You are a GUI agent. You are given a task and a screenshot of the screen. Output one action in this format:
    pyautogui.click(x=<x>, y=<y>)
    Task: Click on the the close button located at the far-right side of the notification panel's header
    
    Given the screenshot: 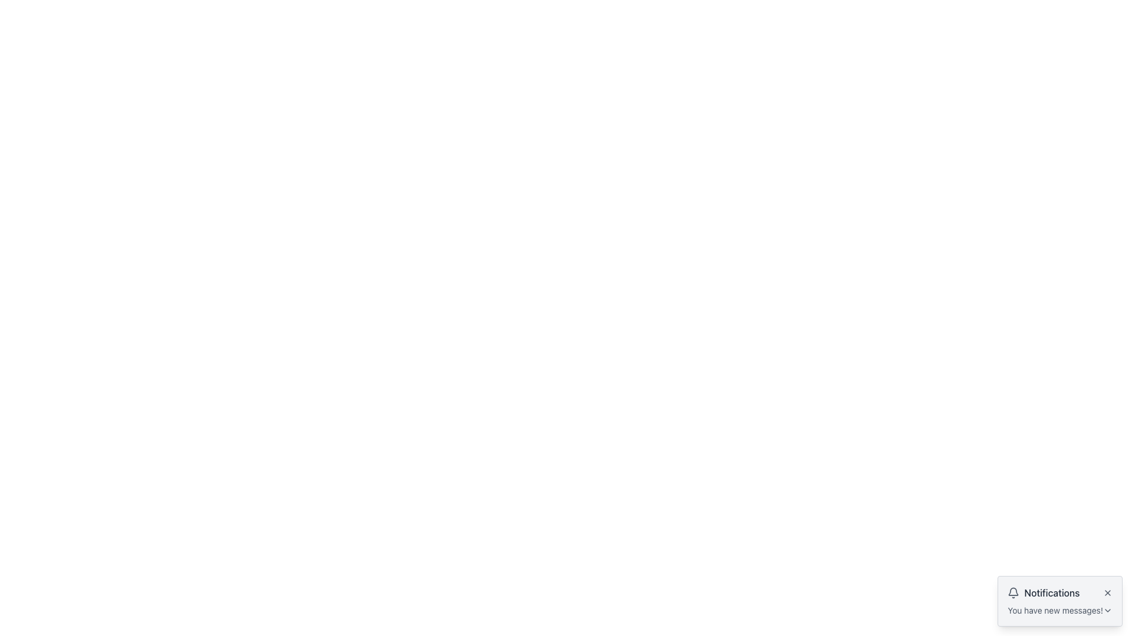 What is the action you would take?
    pyautogui.click(x=1107, y=592)
    